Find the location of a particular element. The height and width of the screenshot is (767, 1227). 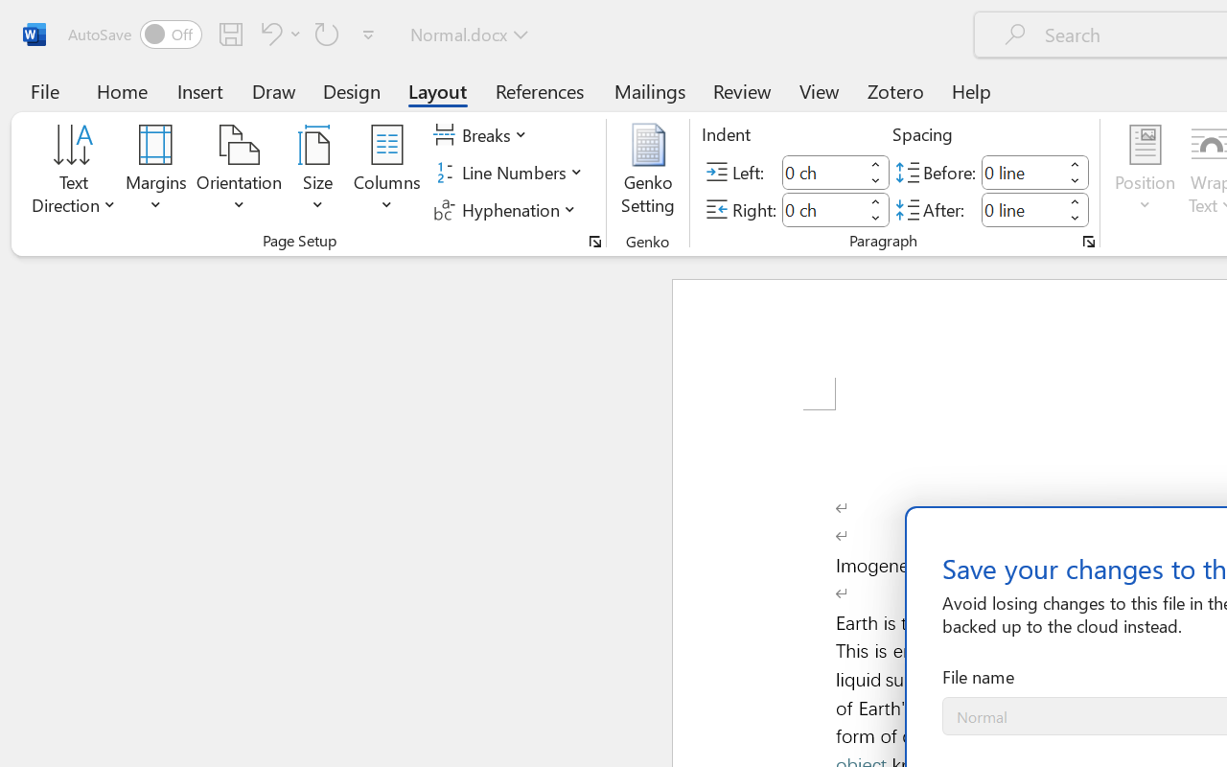

'Position' is located at coordinates (1145, 172).